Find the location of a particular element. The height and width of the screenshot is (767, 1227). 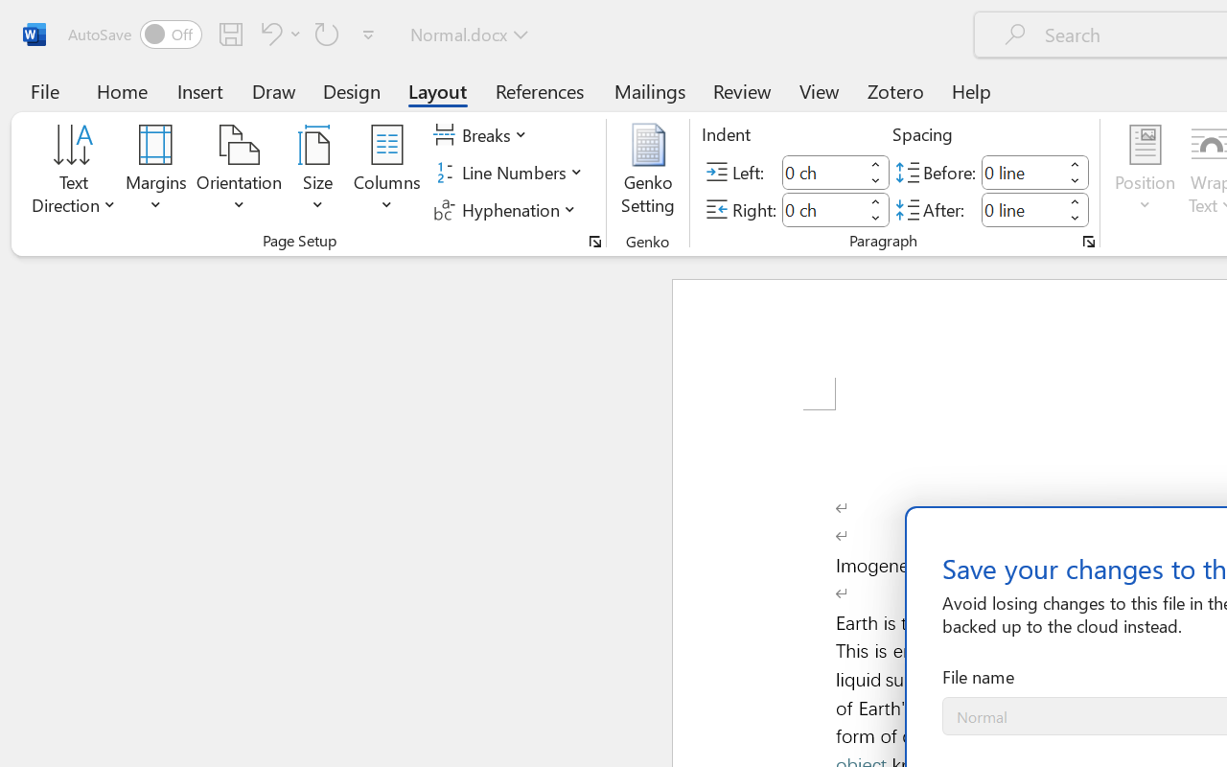

'Position' is located at coordinates (1145, 172).